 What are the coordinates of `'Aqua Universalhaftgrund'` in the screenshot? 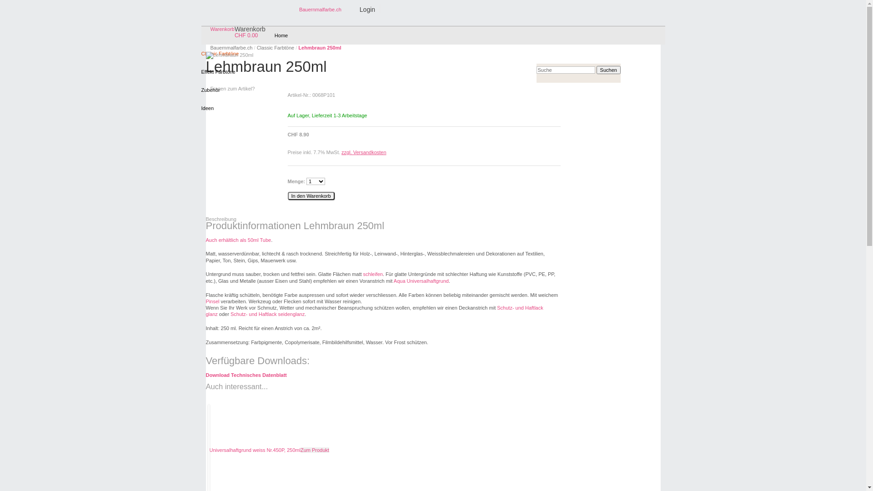 It's located at (421, 280).